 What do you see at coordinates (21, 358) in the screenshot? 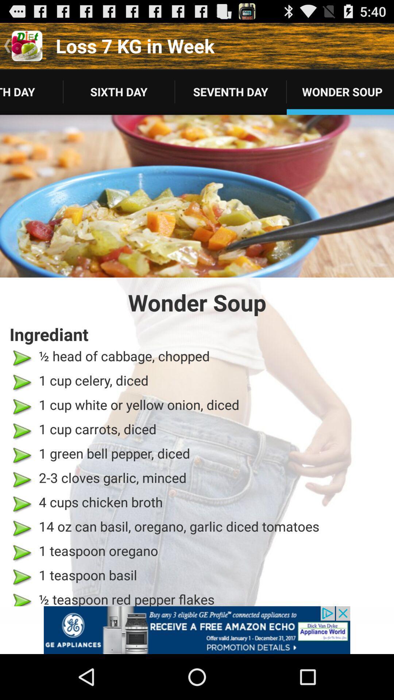
I see `the first arrow icon below the ingrediant` at bounding box center [21, 358].